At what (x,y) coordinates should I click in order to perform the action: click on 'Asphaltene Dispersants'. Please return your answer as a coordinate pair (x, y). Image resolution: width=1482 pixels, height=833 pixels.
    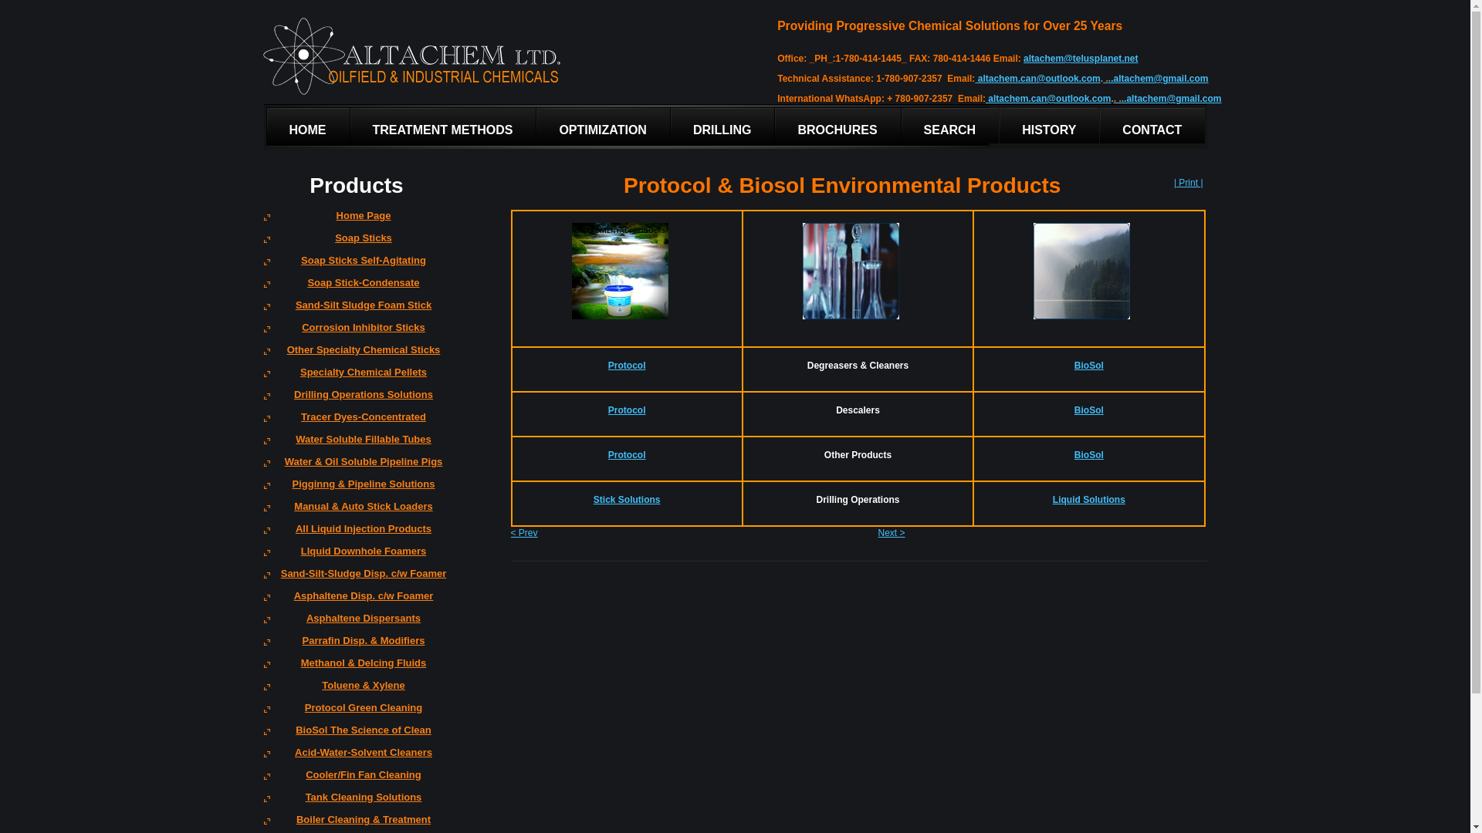
    Looking at the image, I should click on (356, 622).